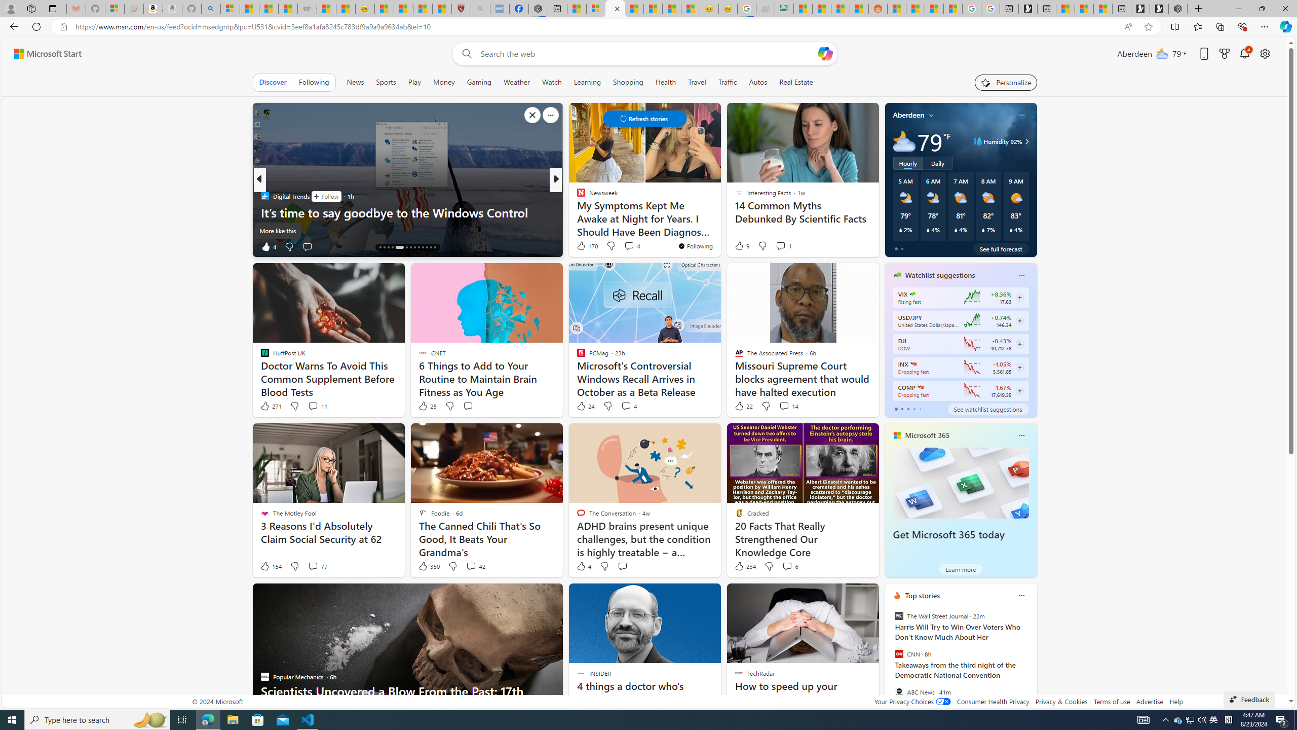  I want to click on '720 Like', so click(583, 246).